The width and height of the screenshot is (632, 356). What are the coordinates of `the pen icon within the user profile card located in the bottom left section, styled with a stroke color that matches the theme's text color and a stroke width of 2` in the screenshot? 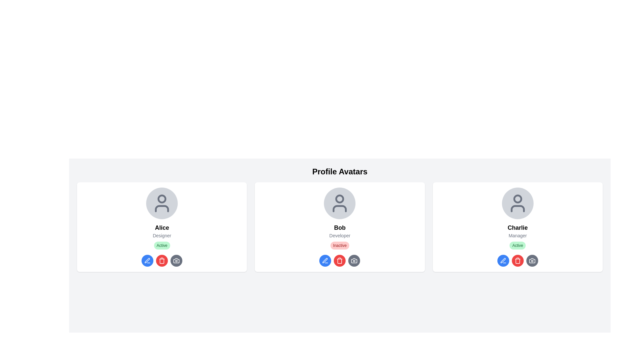 It's located at (325, 260).